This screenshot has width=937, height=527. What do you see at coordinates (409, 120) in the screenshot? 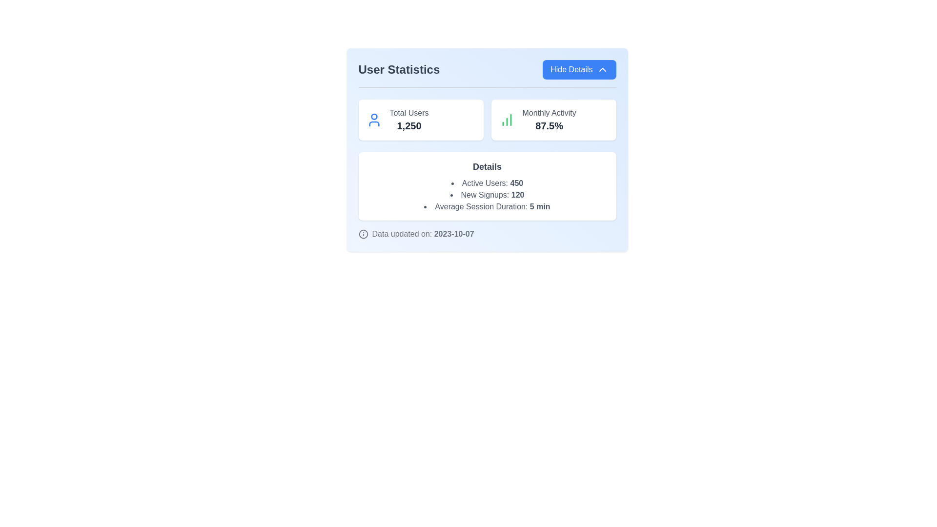
I see `the Text Display element showing 'Total Users' with the number '1,250' in a bold, larger font, located at the top-left corner of a metric card` at bounding box center [409, 120].